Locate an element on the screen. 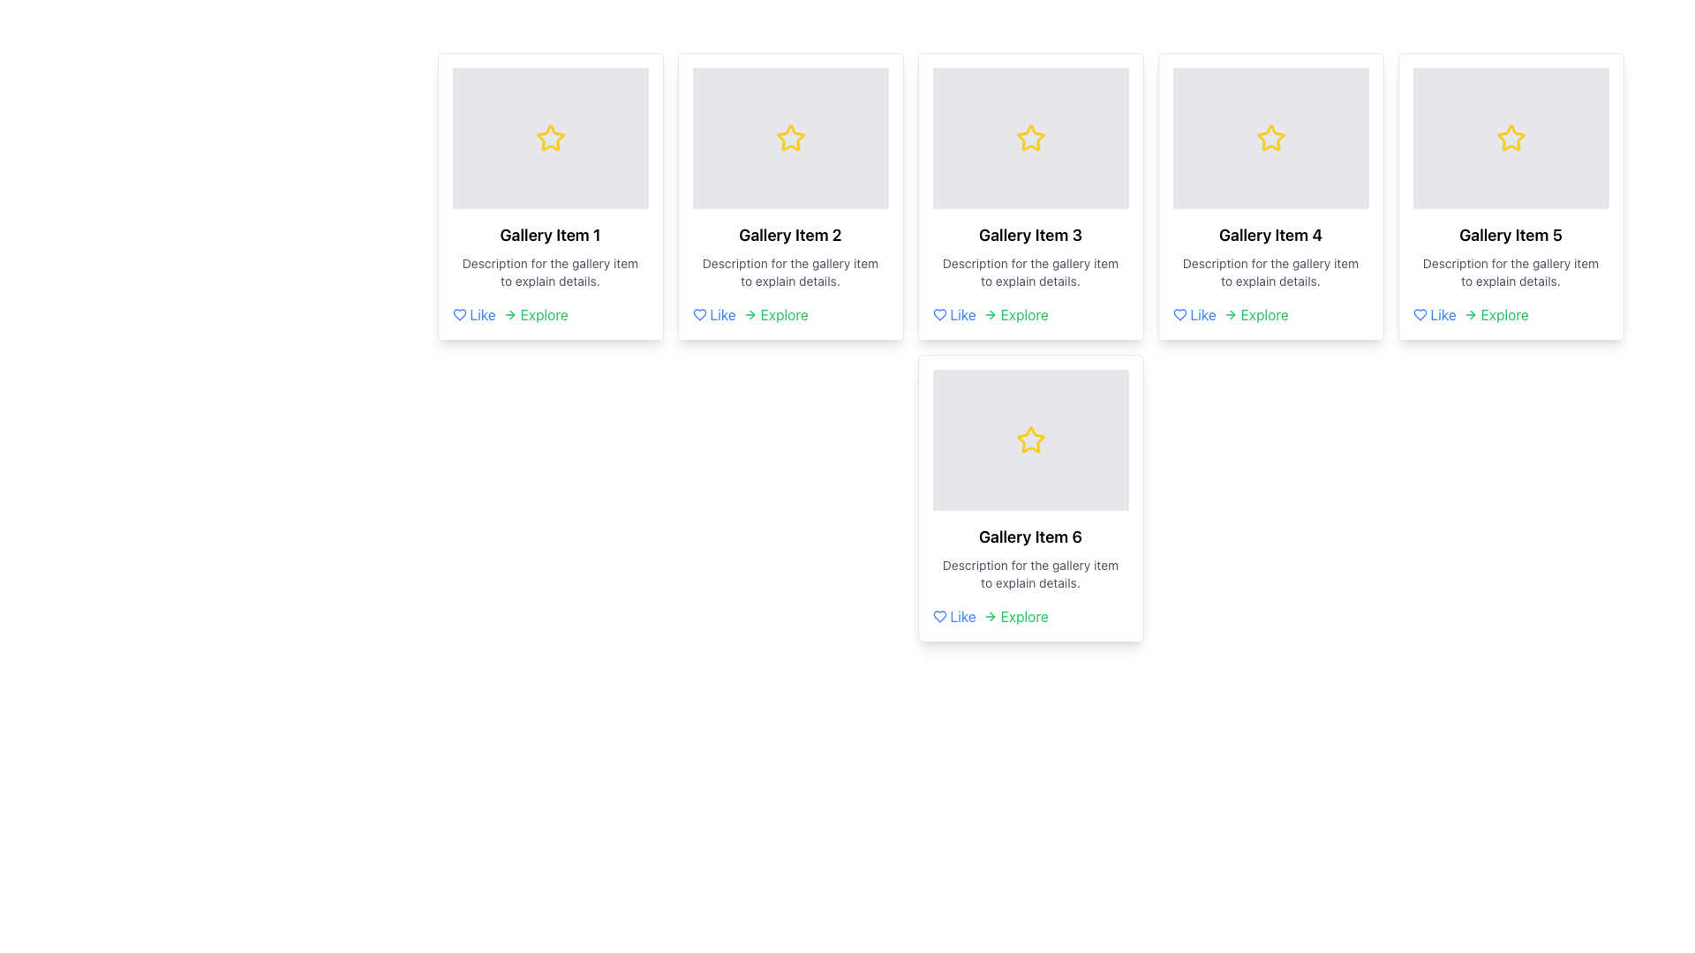  displayed text from the text label located within the fourth card in a horizontal row of six cards, positioned beneath the star icon and above the 'Like' and 'Explore' links is located at coordinates (1269, 256).